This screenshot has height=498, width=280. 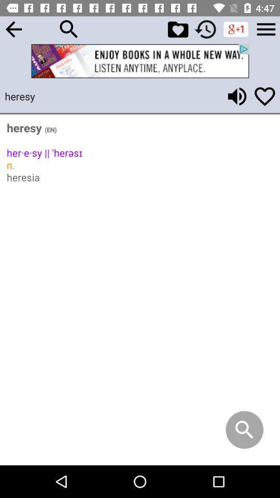 I want to click on search option, so click(x=69, y=29).